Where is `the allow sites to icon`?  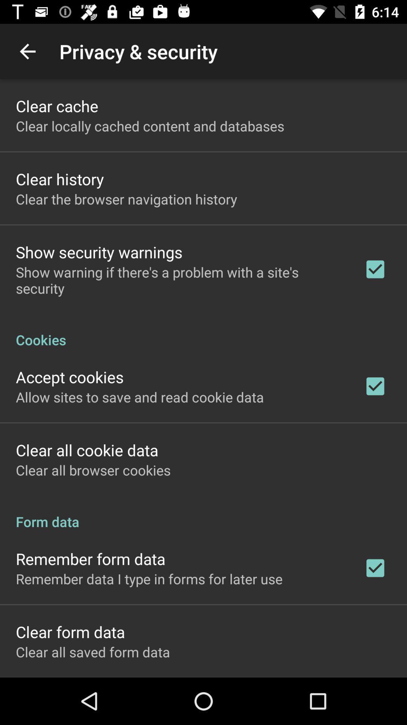
the allow sites to icon is located at coordinates (140, 396).